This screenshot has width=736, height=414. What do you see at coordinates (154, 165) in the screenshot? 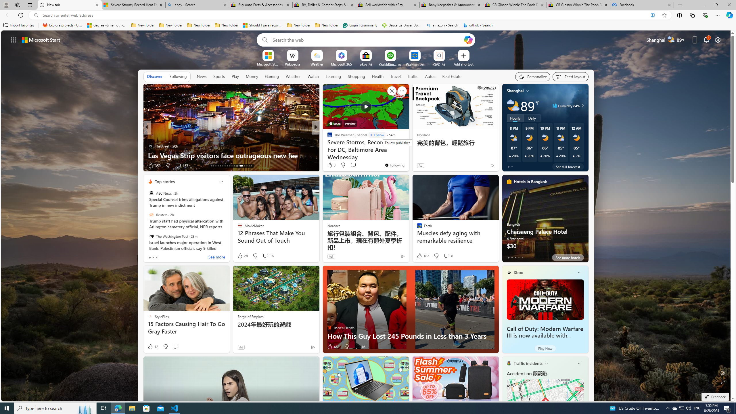
I see `'353 Like'` at bounding box center [154, 165].